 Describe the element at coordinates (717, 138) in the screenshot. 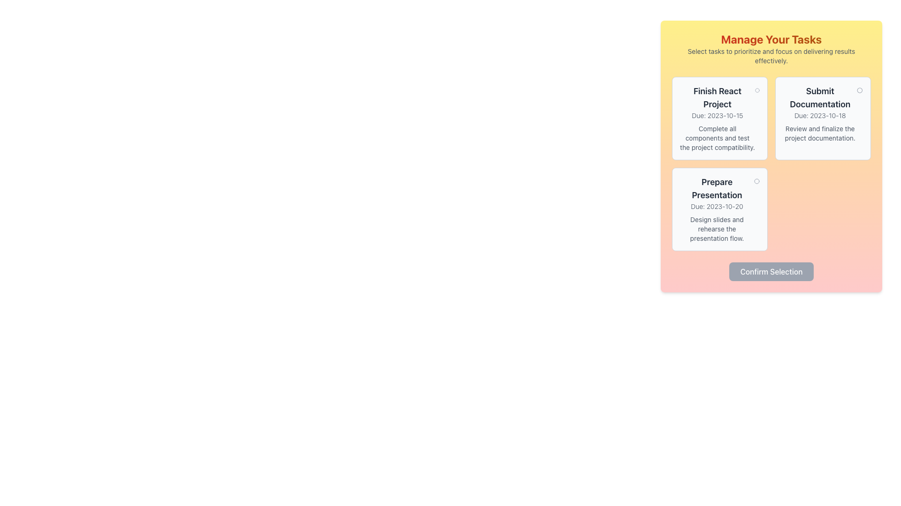

I see `the instructional text for the 'React Project' located below the due date text in the 'Finish React Project' card to potentially display a tooltip` at that location.